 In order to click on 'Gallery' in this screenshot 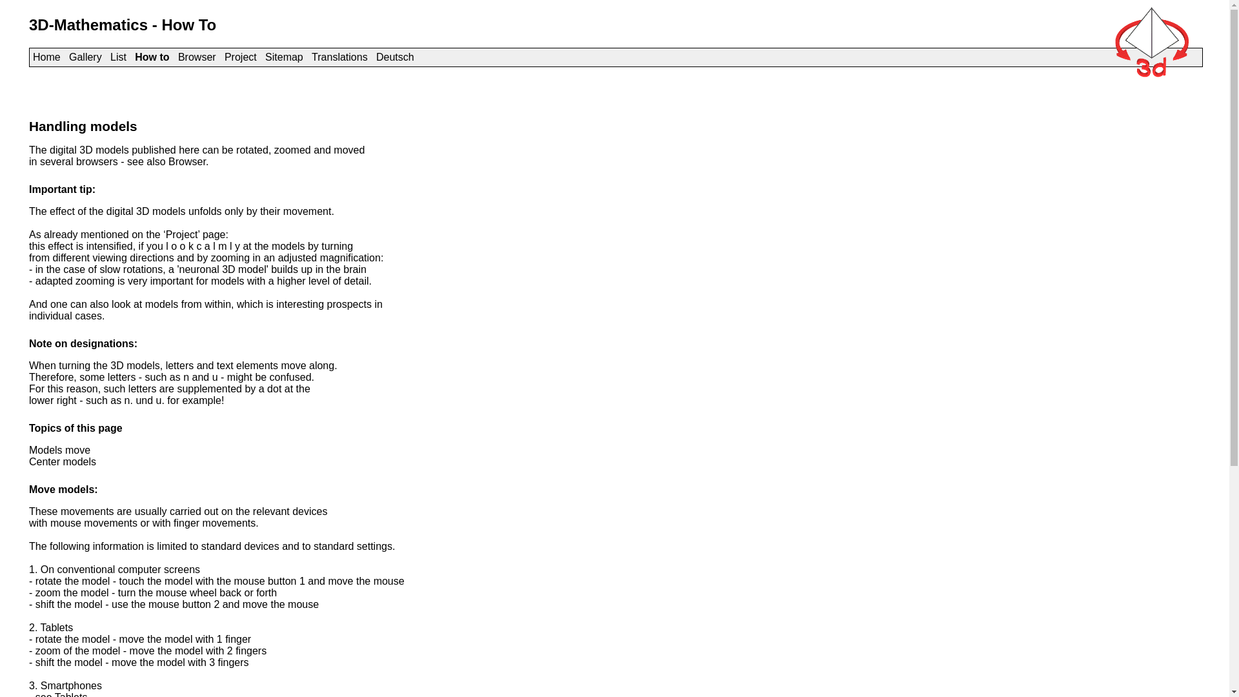, I will do `click(85, 56)`.